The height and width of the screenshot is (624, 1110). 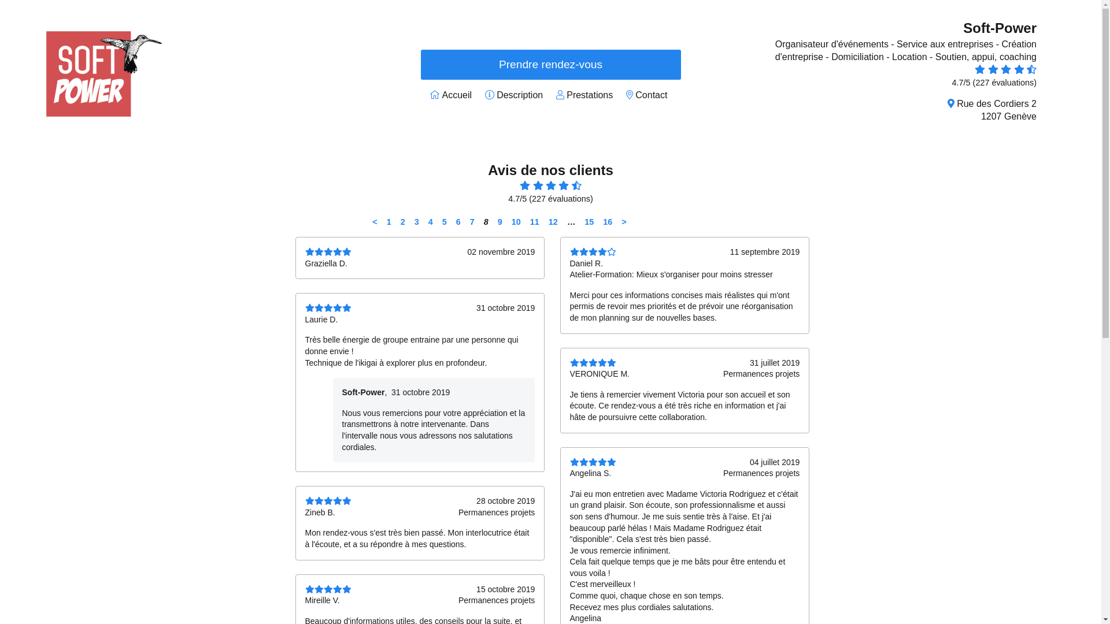 I want to click on '6', so click(x=457, y=222).